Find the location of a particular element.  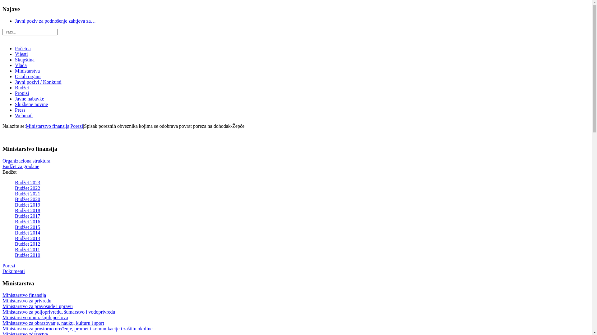

'Porezi' is located at coordinates (9, 265).